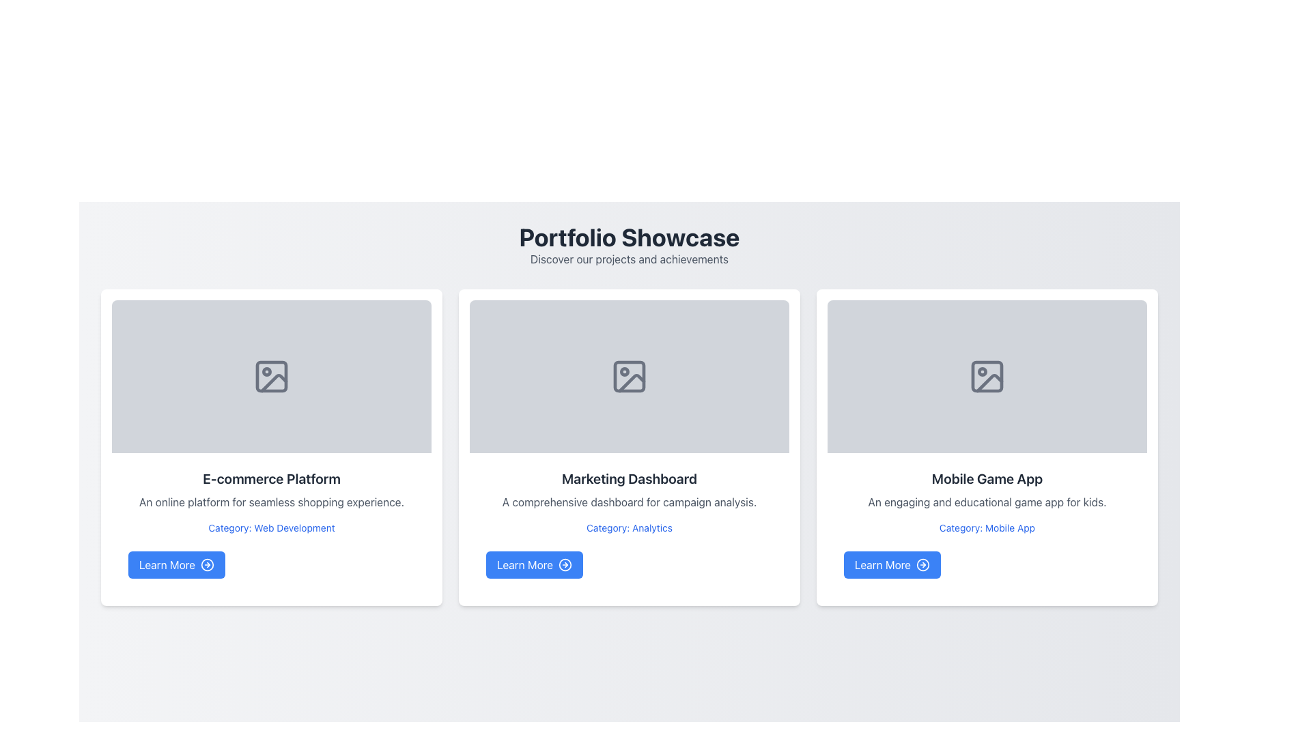 Image resolution: width=1311 pixels, height=737 pixels. What do you see at coordinates (272, 376) in the screenshot?
I see `the Image Placeholder located at the top section of the leftmost card, which is above the text 'E-commerce Platform'` at bounding box center [272, 376].